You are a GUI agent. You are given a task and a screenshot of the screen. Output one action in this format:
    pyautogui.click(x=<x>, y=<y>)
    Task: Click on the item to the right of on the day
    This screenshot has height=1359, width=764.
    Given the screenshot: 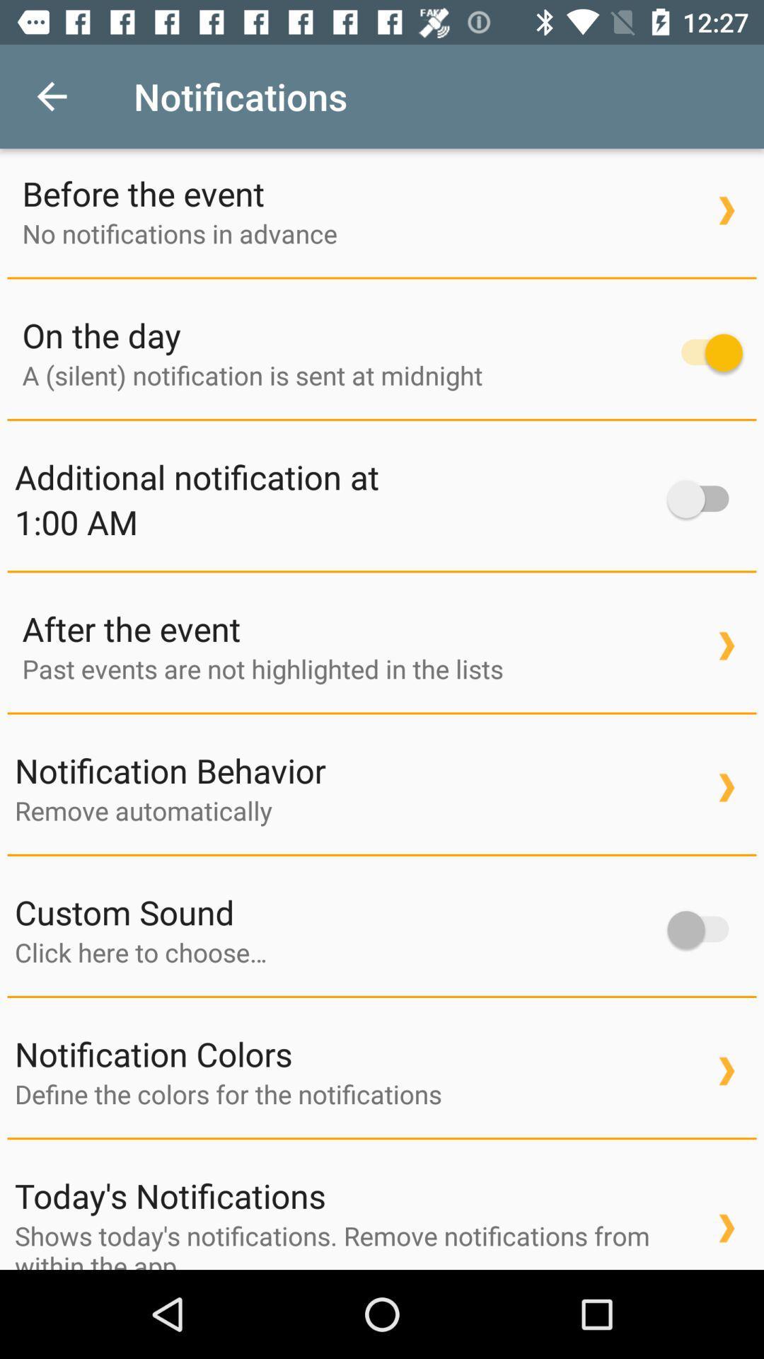 What is the action you would take?
    pyautogui.click(x=705, y=352)
    